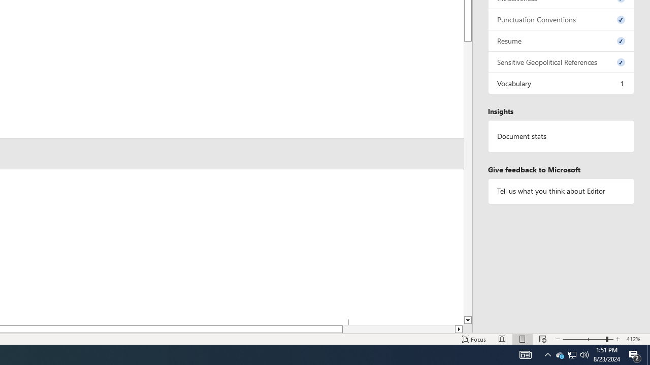  Describe the element at coordinates (561, 40) in the screenshot. I see `'Resume, 0 issues. Press space or enter to review items.'` at that location.